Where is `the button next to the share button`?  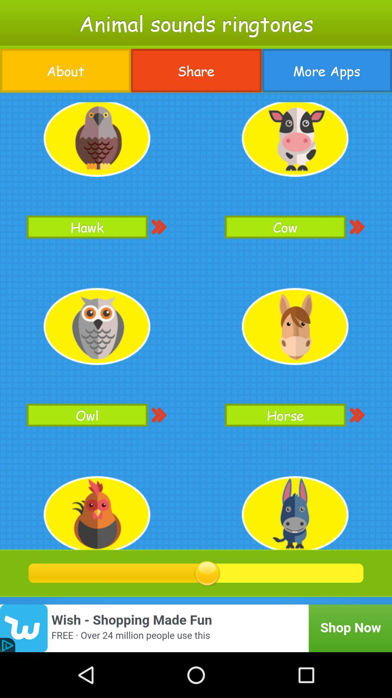
the button next to the share button is located at coordinates (327, 71).